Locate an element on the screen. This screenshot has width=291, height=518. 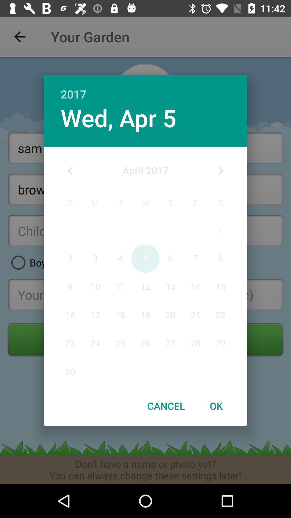
the cancel icon is located at coordinates (166, 406).